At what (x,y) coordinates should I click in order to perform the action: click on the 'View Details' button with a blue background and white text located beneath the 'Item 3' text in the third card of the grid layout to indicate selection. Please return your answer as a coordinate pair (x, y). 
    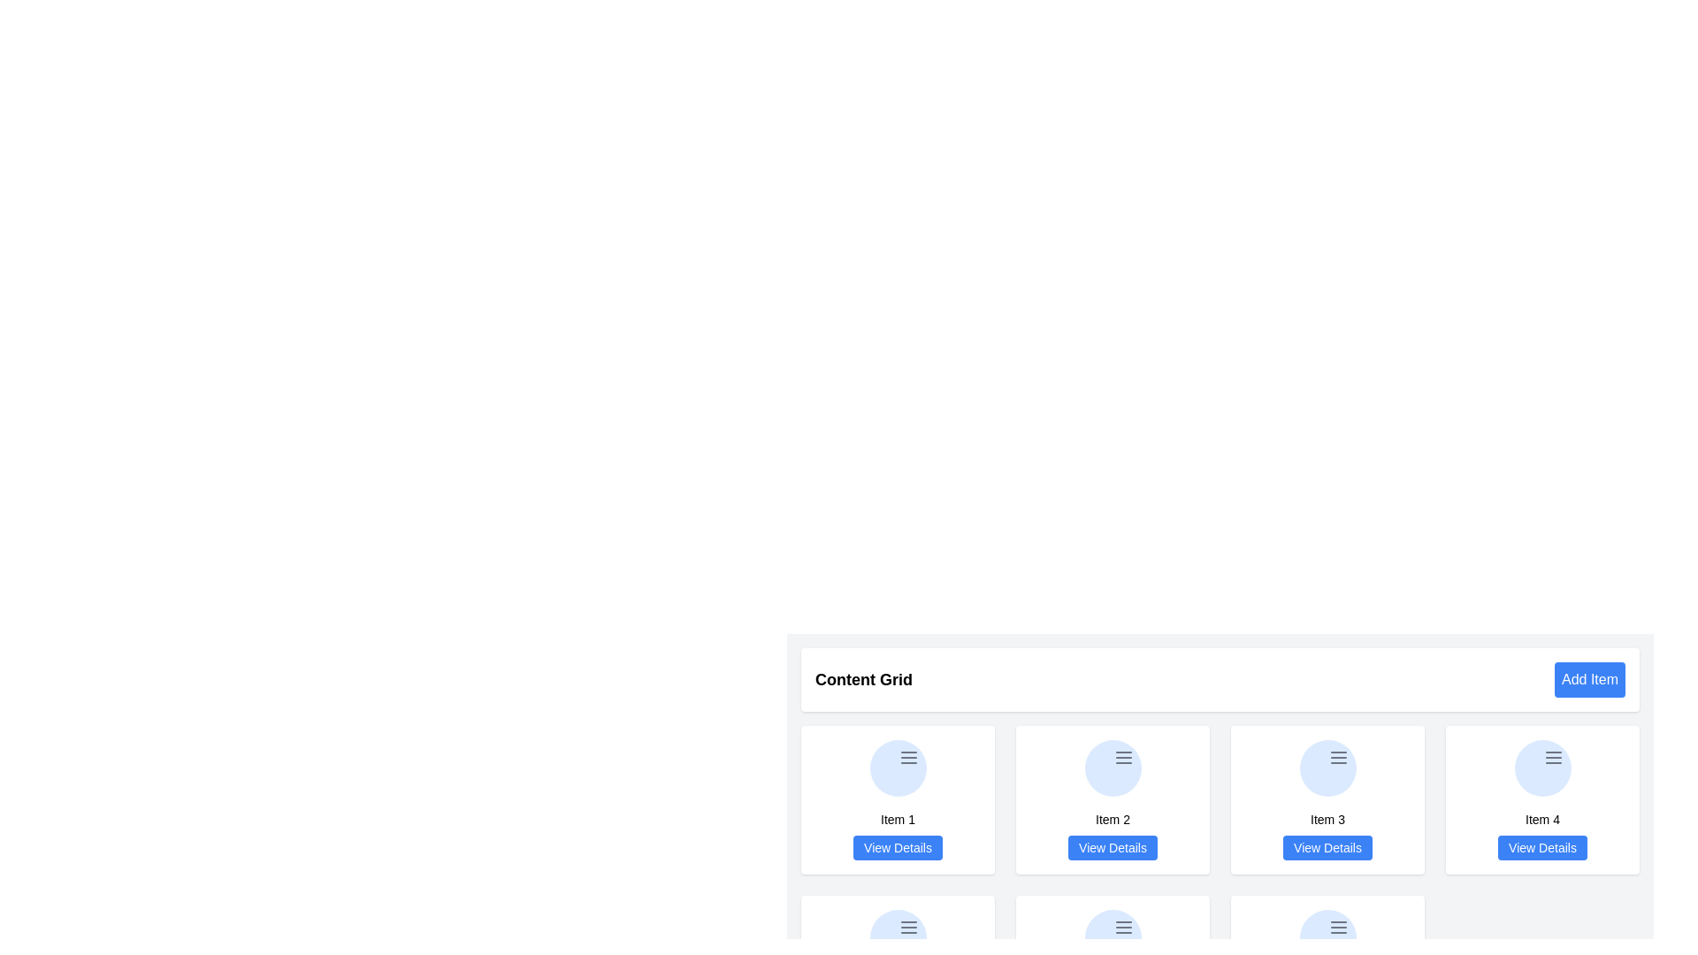
    Looking at the image, I should click on (1327, 847).